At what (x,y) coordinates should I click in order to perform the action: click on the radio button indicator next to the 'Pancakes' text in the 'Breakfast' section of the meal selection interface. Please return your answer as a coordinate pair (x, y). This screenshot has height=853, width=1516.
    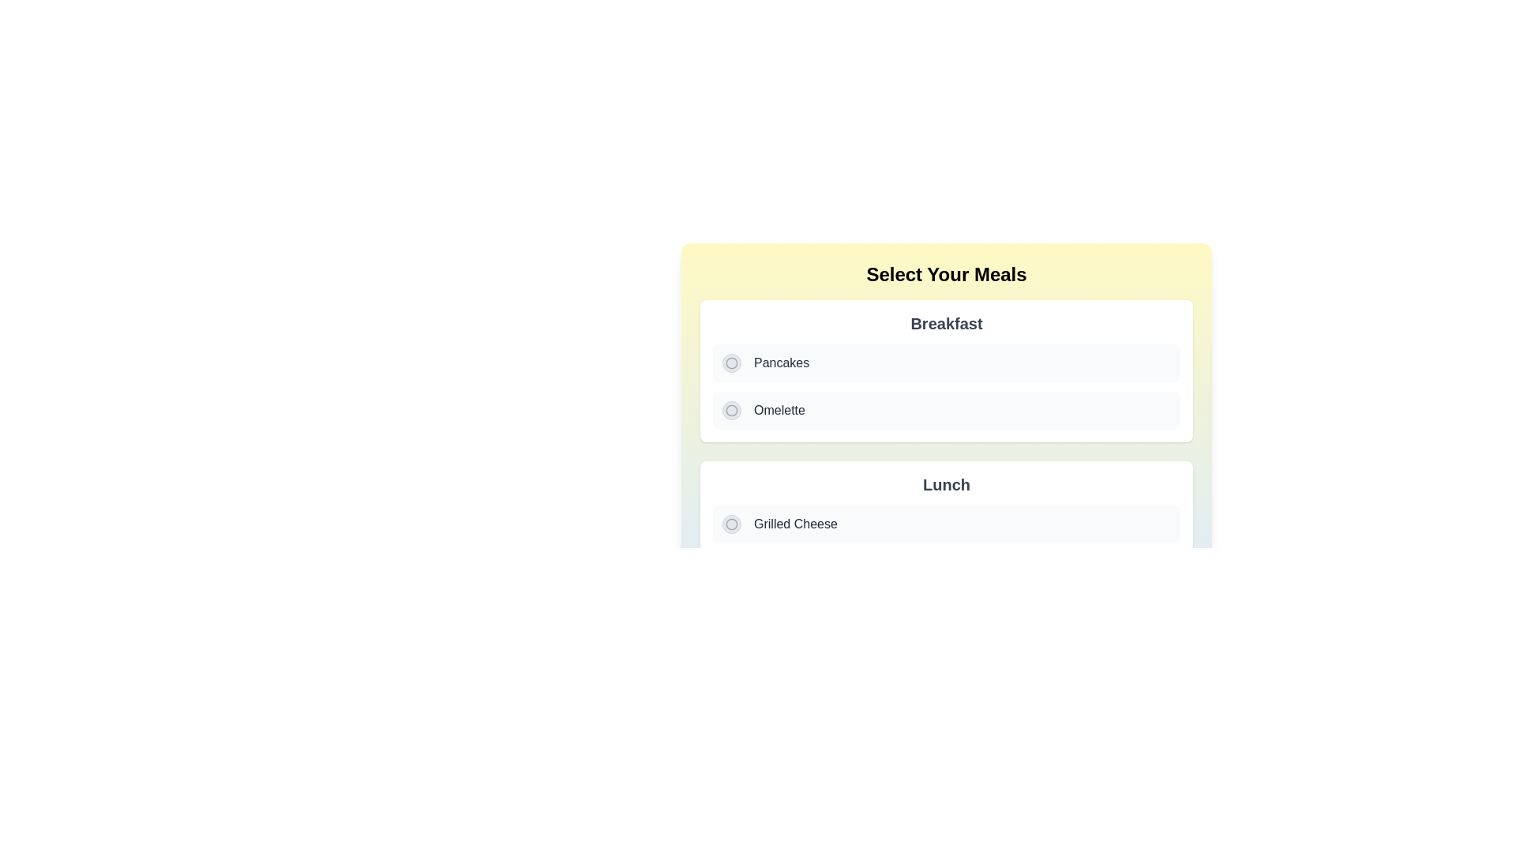
    Looking at the image, I should click on (730, 363).